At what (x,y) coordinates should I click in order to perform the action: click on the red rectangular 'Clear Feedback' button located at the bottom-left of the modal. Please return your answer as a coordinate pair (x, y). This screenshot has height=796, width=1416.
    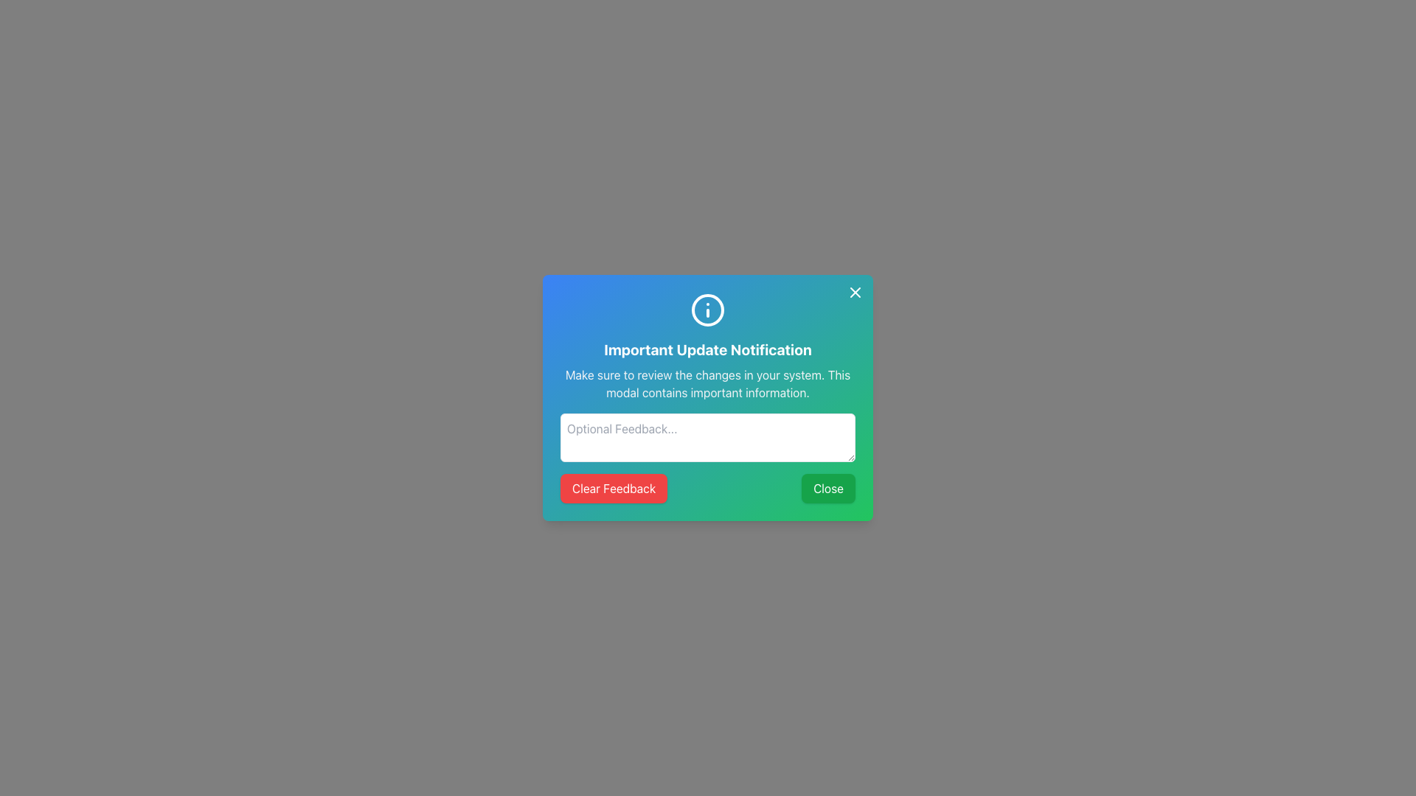
    Looking at the image, I should click on (614, 489).